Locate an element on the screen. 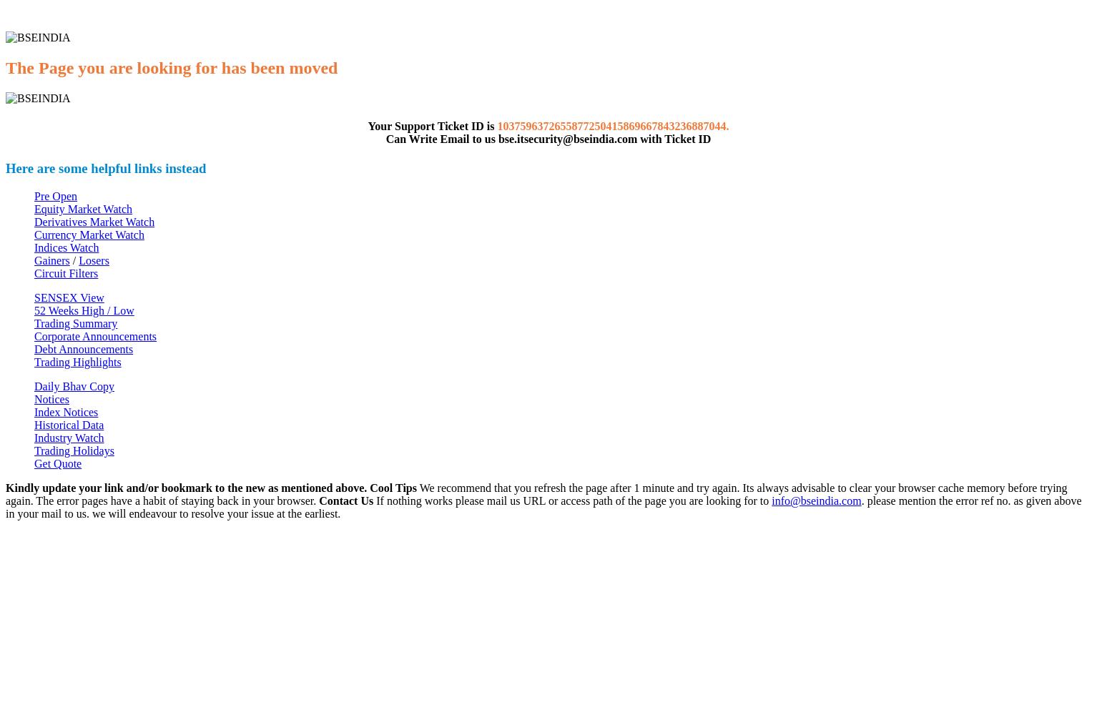 Image resolution: width=1097 pixels, height=715 pixels. '. please mention the error ref no. as given above in your mail to us.
                        we will endeavour to resolve your issue at the earliest.' is located at coordinates (542, 506).